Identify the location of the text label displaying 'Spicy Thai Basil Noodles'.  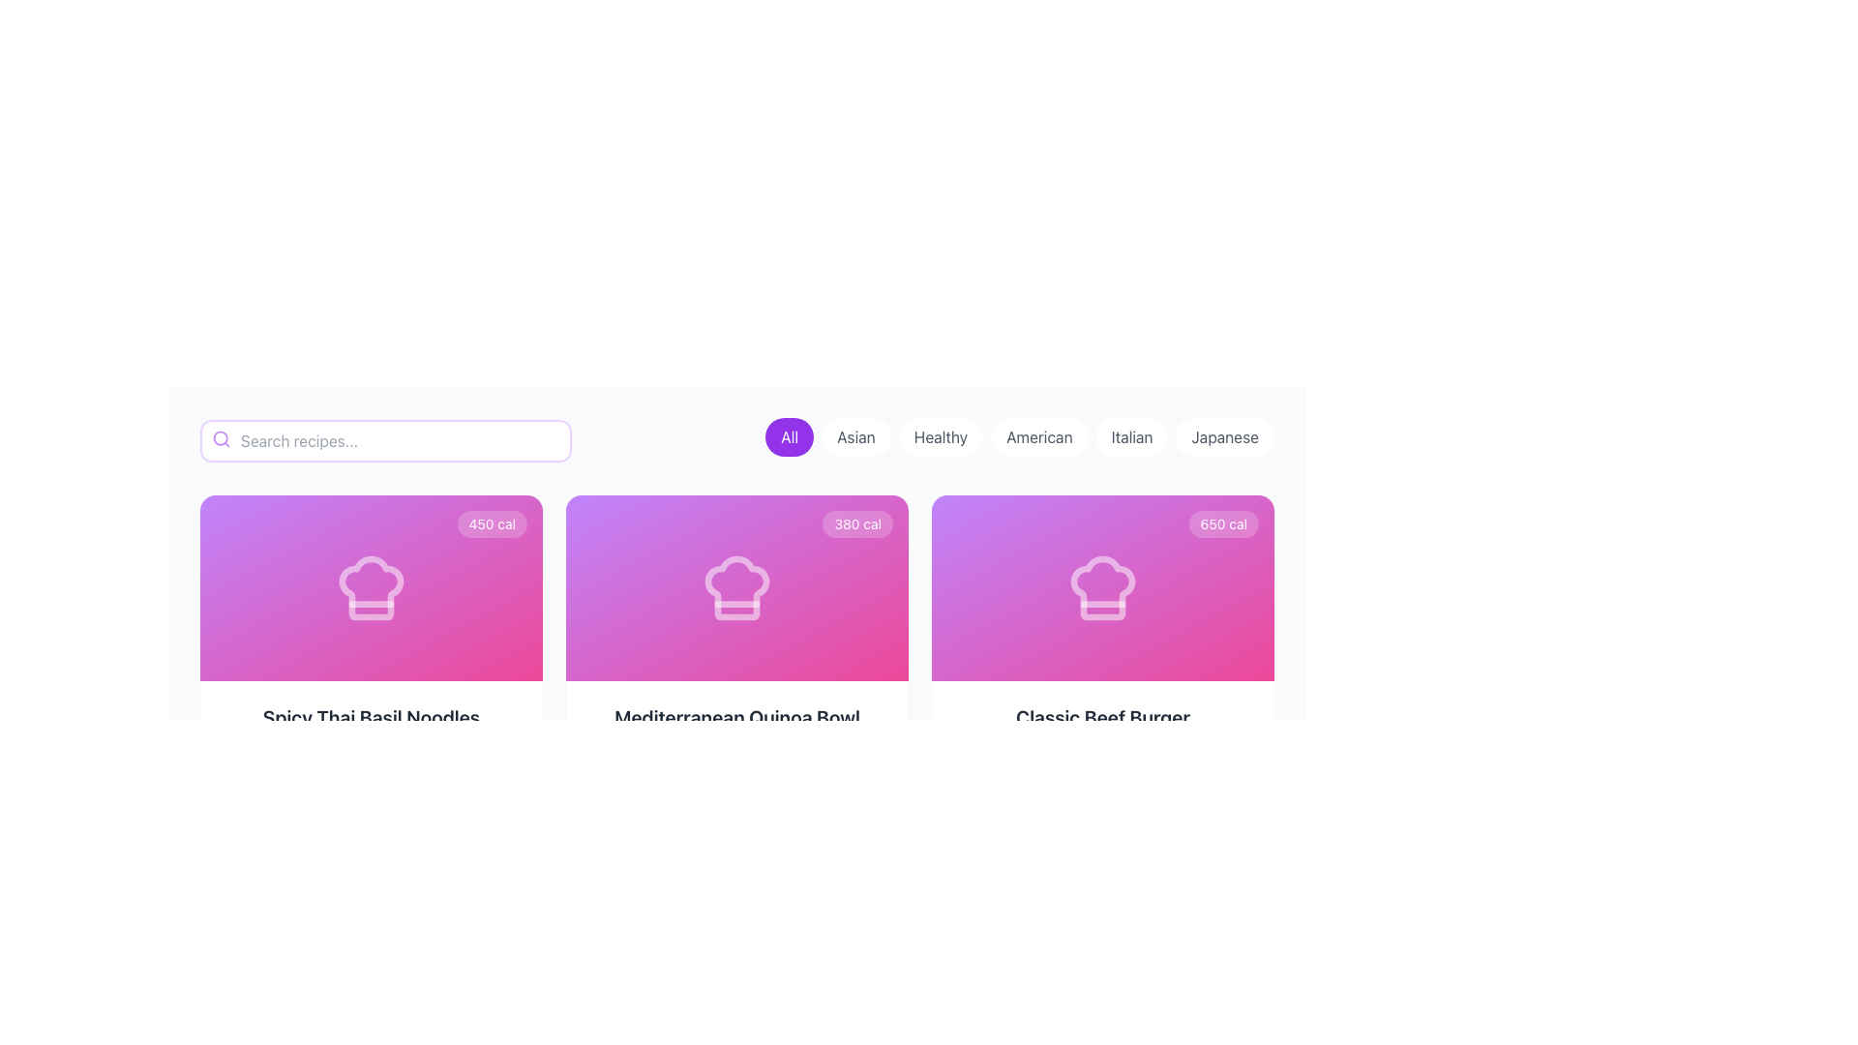
(372, 717).